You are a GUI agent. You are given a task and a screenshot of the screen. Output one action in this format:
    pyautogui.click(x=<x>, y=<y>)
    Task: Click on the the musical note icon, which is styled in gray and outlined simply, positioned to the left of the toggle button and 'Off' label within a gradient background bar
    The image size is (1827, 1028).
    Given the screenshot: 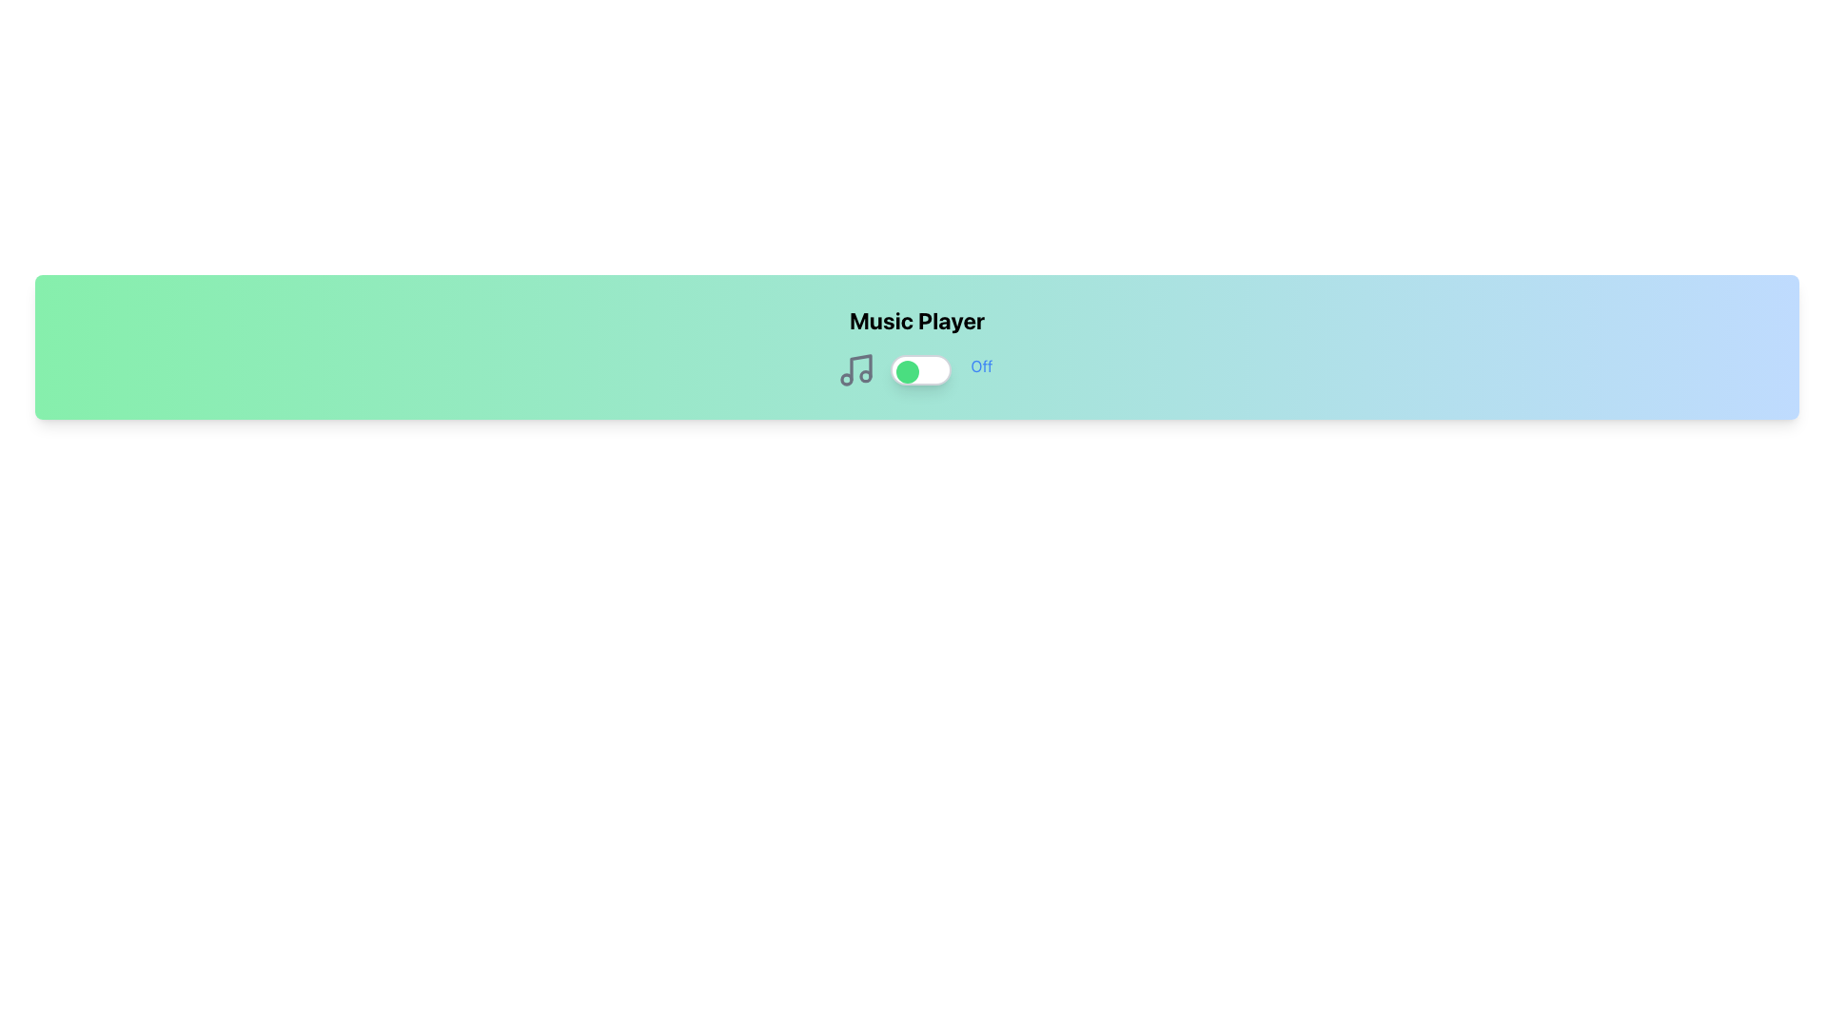 What is the action you would take?
    pyautogui.click(x=855, y=370)
    